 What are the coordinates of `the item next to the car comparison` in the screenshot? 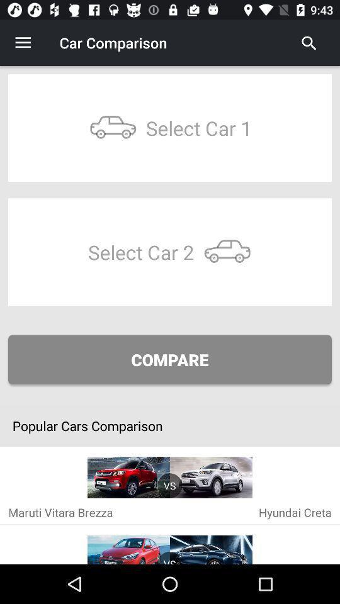 It's located at (309, 43).